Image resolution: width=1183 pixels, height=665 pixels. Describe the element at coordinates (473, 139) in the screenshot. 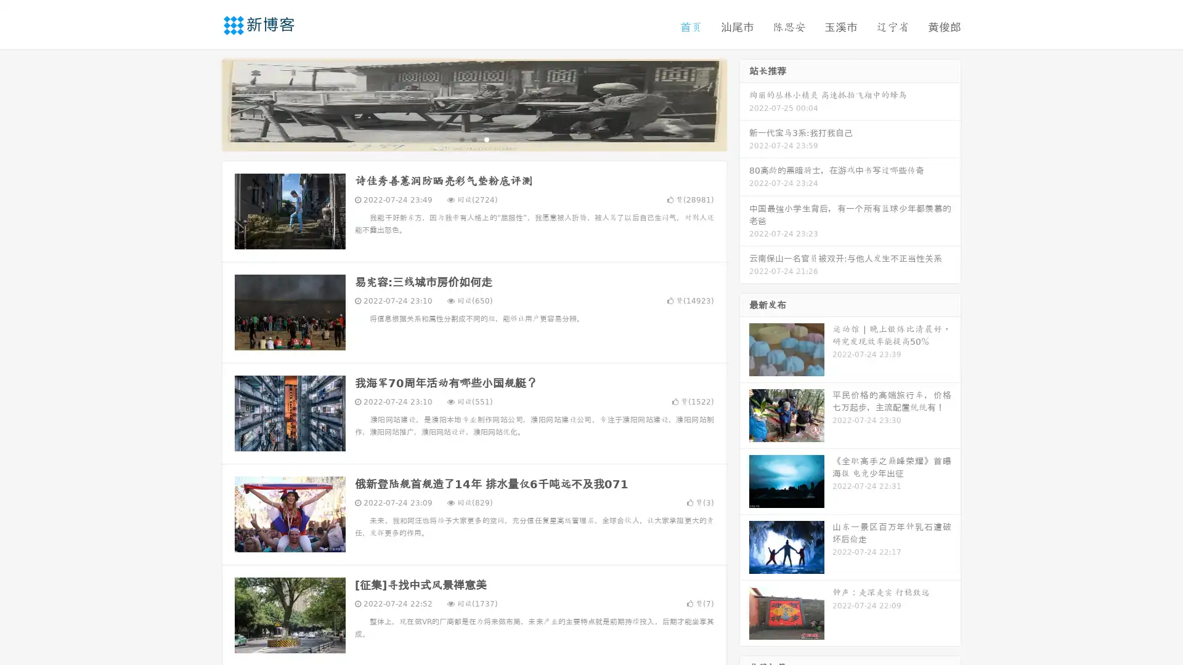

I see `Go to slide 2` at that location.